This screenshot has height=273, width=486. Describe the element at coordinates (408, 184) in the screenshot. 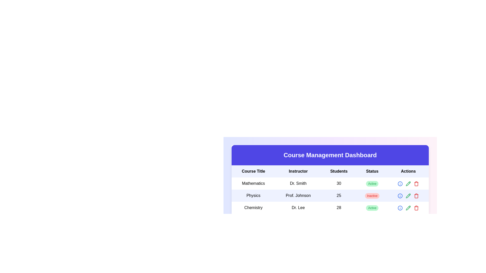

I see `the pencil icon in the 'Actions' column of the 'Physics' course row to initiate the edit action` at that location.